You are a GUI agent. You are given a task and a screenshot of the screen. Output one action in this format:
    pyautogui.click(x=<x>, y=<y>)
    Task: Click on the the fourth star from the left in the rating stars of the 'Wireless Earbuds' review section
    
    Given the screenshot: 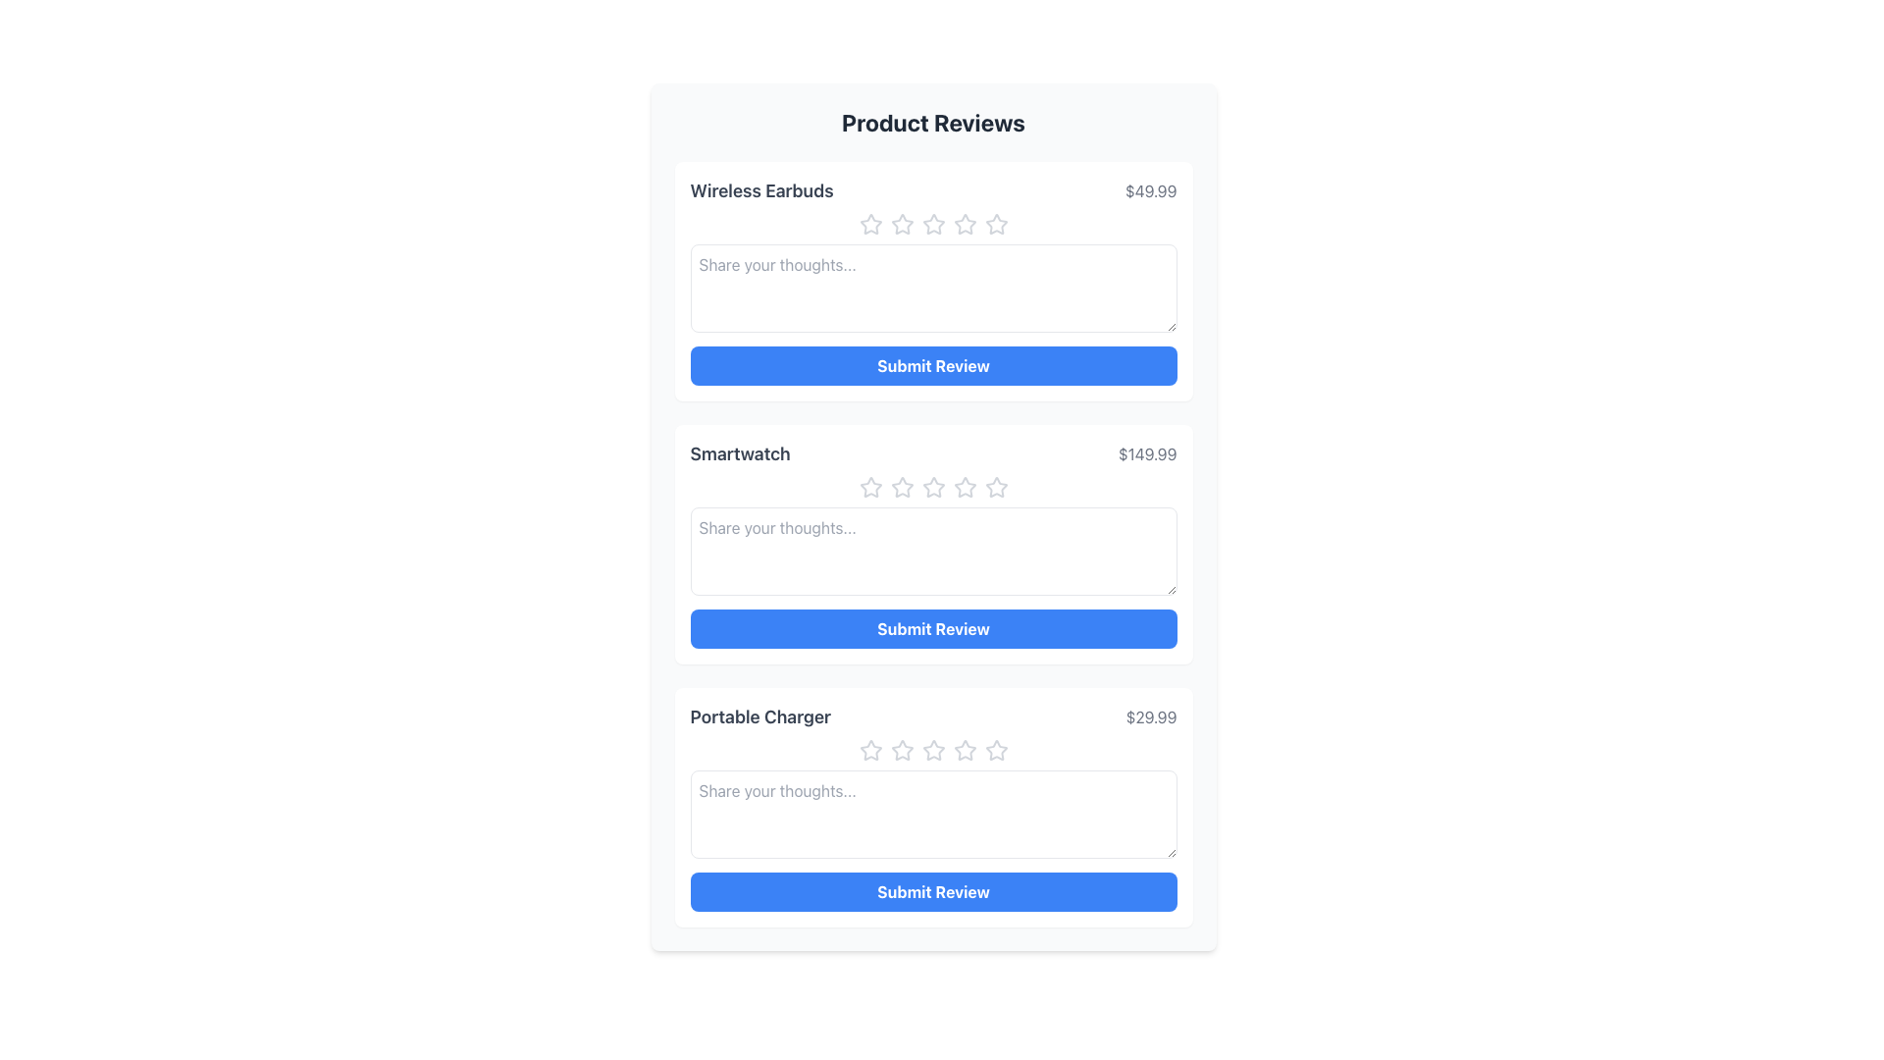 What is the action you would take?
    pyautogui.click(x=996, y=223)
    